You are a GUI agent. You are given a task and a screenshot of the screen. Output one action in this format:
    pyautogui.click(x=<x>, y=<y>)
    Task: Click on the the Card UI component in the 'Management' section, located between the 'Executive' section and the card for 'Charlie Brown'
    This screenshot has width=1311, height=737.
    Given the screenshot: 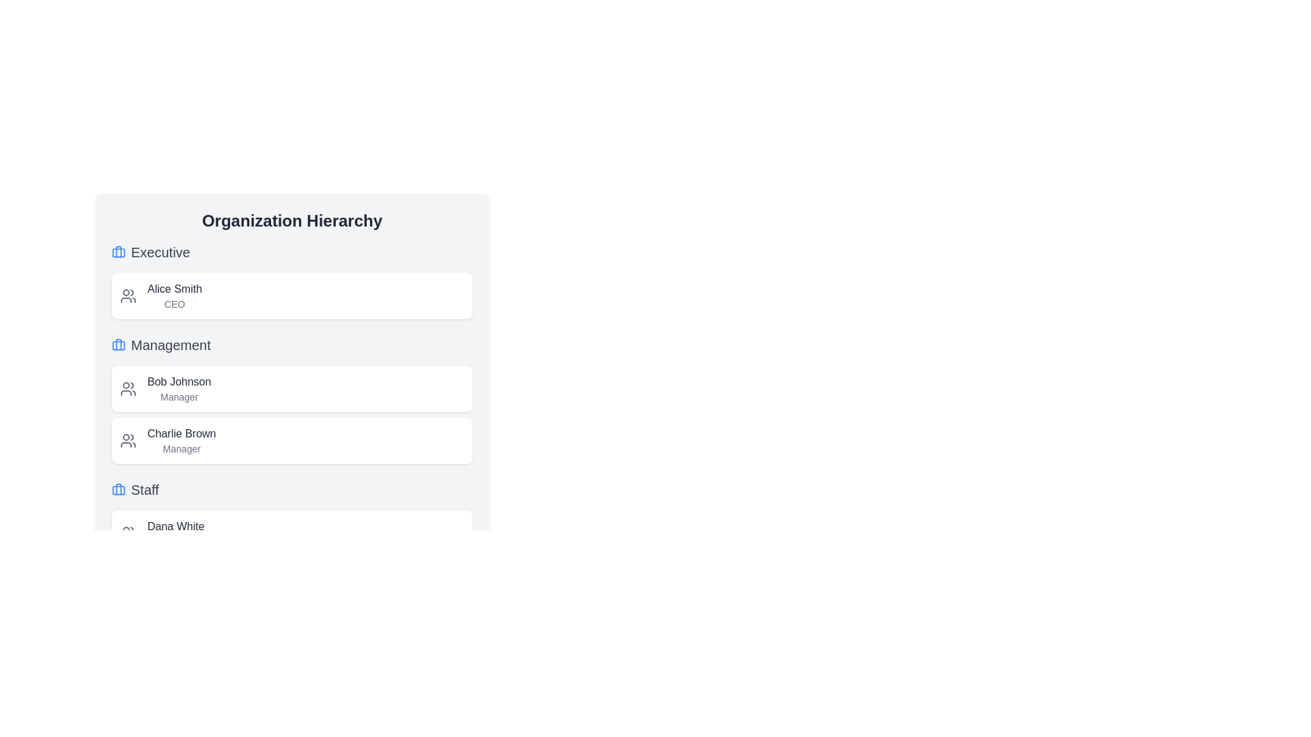 What is the action you would take?
    pyautogui.click(x=291, y=389)
    